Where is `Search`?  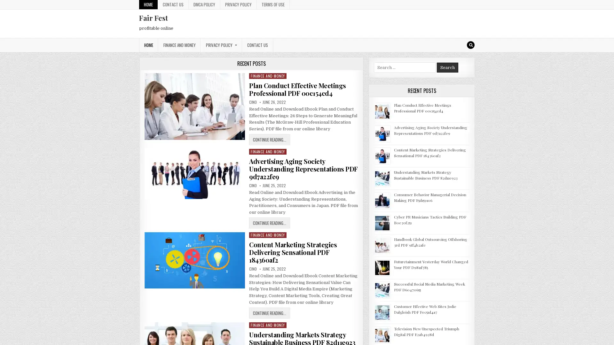
Search is located at coordinates (447, 67).